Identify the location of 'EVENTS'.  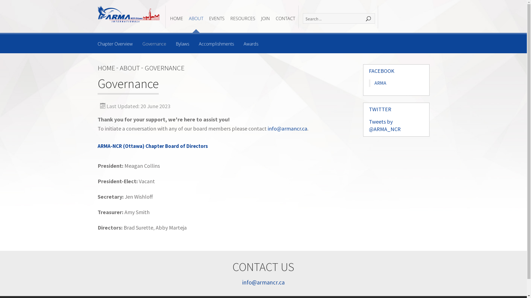
(216, 18).